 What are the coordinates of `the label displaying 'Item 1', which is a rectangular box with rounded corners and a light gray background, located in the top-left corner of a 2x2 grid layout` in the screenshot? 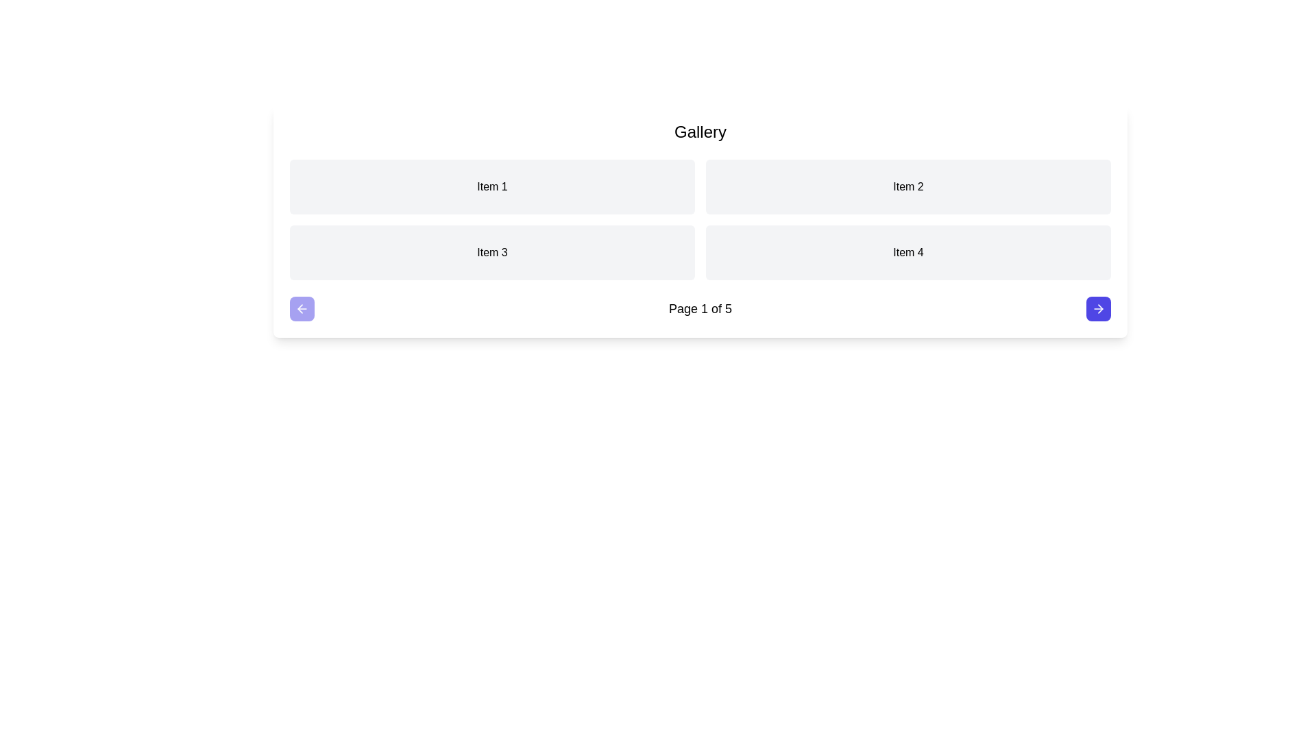 It's located at (492, 187).